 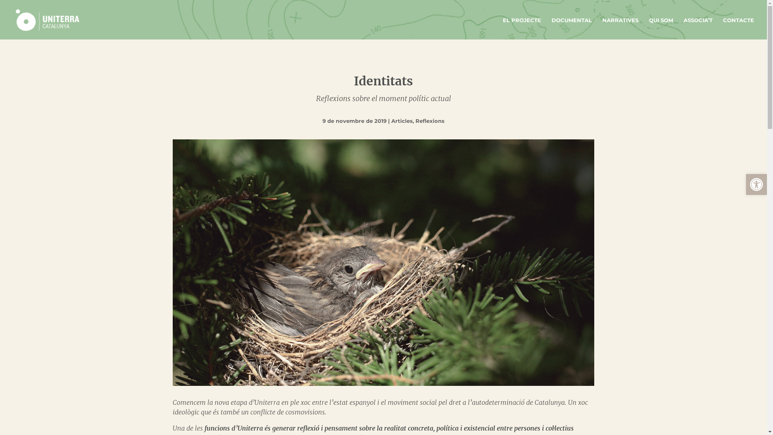 What do you see at coordinates (571, 28) in the screenshot?
I see `'DOCUMENTAL'` at bounding box center [571, 28].